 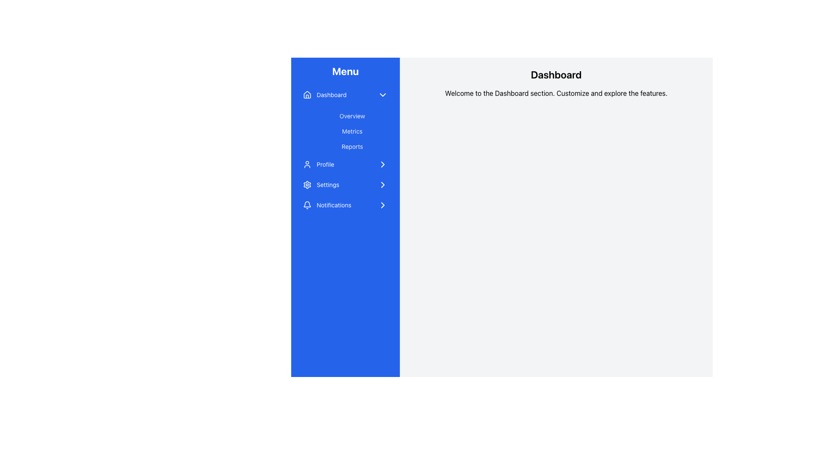 I want to click on the SVG Icon located at the far right end of the 'Notifications' menu entry, adjacent to the text 'Notifications', so click(x=382, y=205).